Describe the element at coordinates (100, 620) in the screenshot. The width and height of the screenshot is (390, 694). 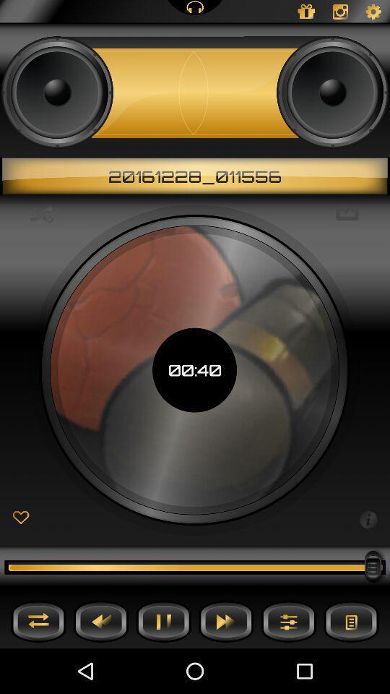
I see `go back` at that location.